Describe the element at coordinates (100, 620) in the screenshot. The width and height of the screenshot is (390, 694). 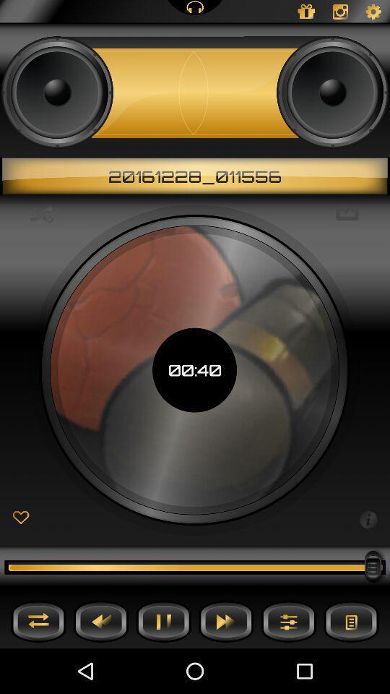
I see `go back` at that location.